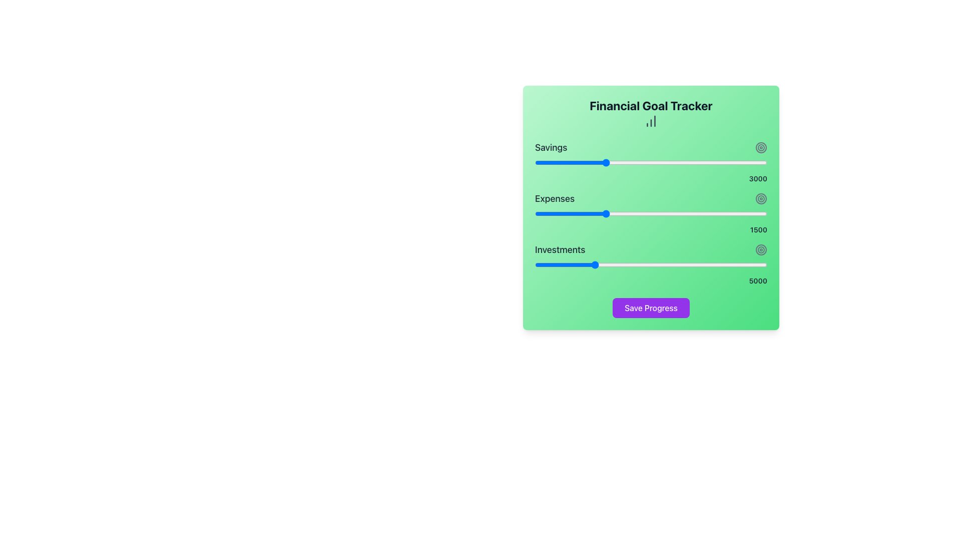 The image size is (961, 541). I want to click on the investment goal, so click(681, 264).